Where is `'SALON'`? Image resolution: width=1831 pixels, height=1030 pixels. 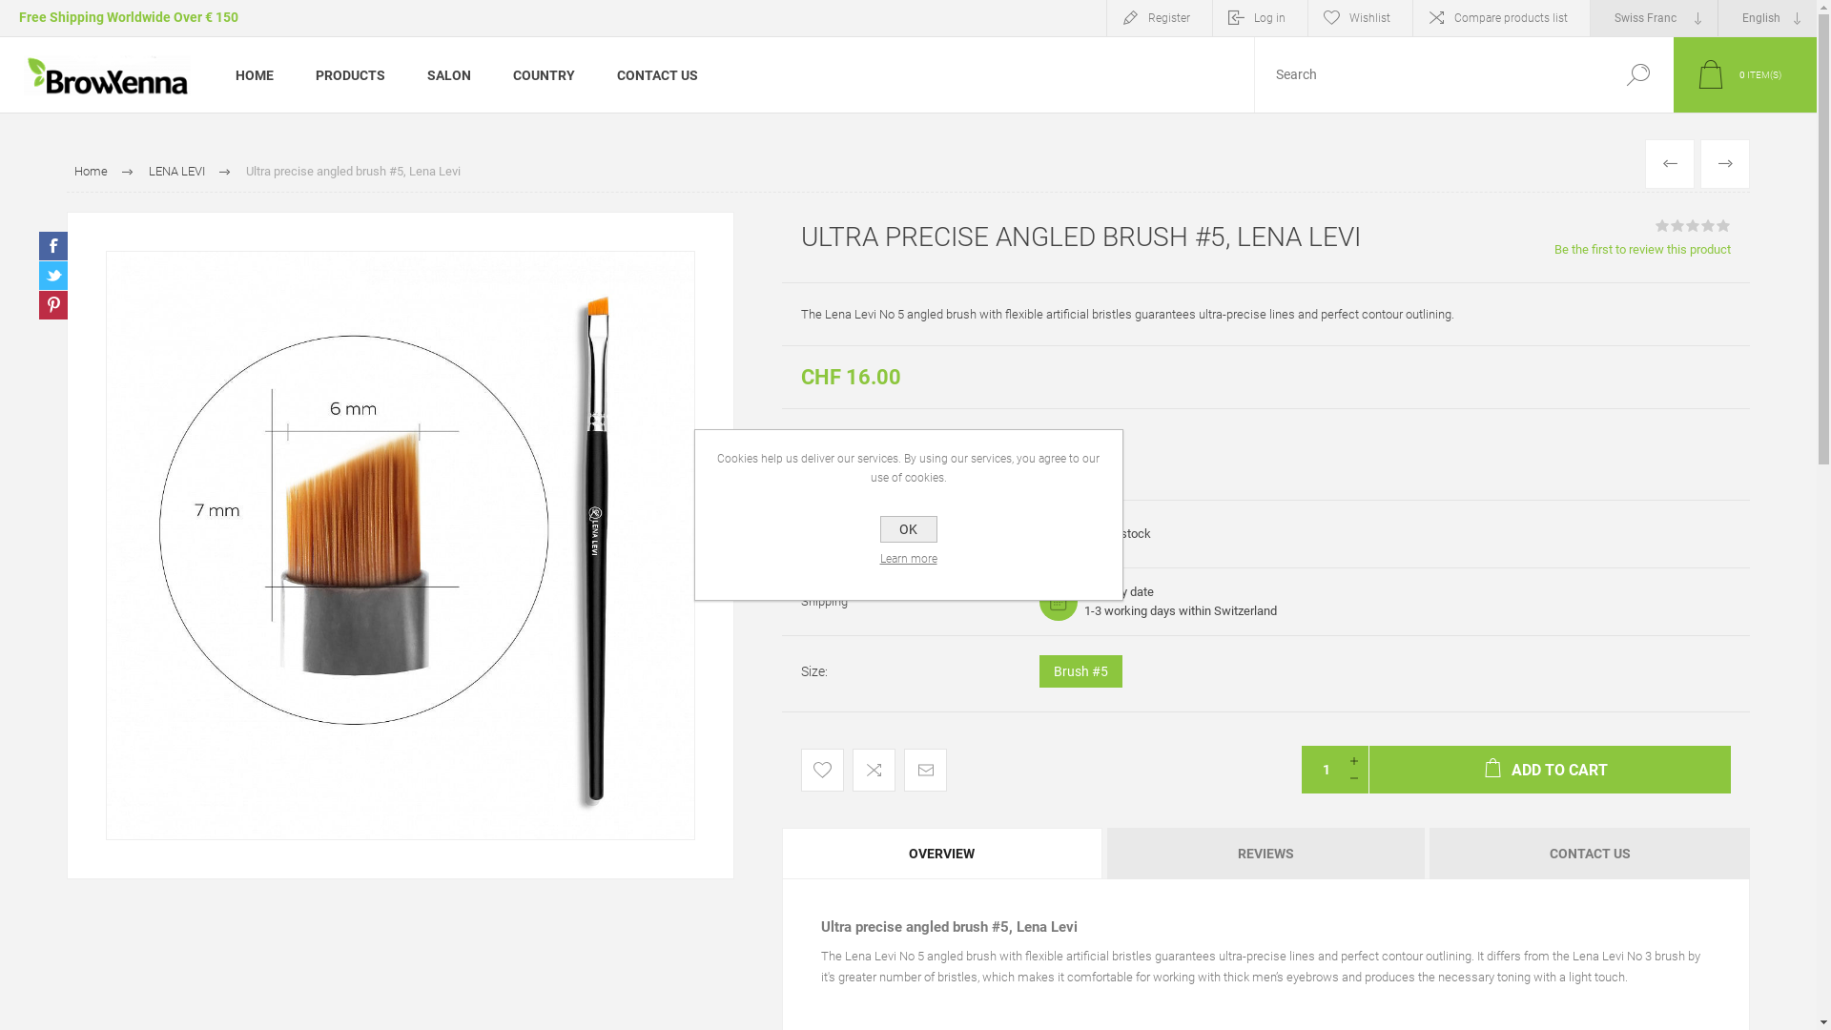
'SALON' is located at coordinates (405, 72).